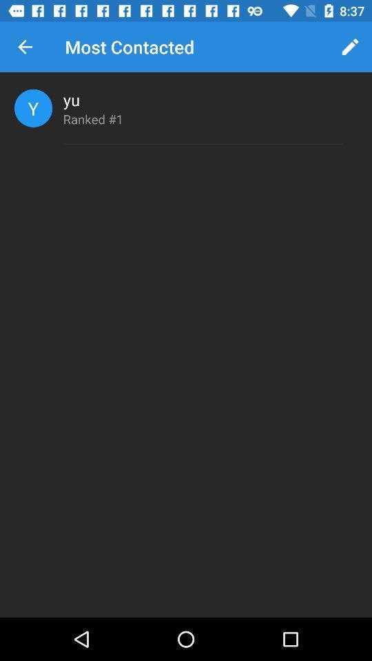  What do you see at coordinates (72, 98) in the screenshot?
I see `the yu item` at bounding box center [72, 98].